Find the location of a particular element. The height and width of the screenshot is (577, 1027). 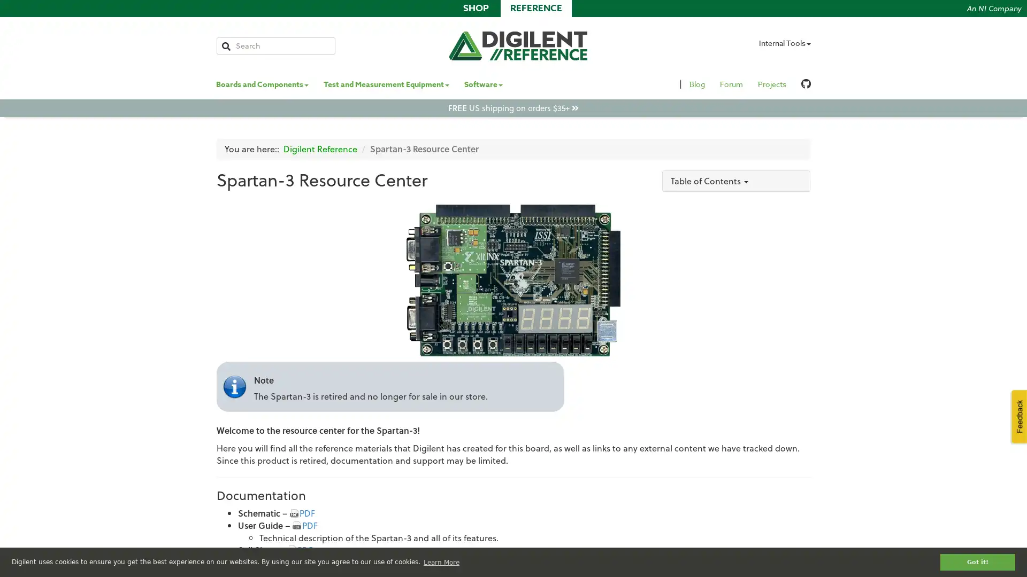

dismiss cookie message is located at coordinates (978, 562).